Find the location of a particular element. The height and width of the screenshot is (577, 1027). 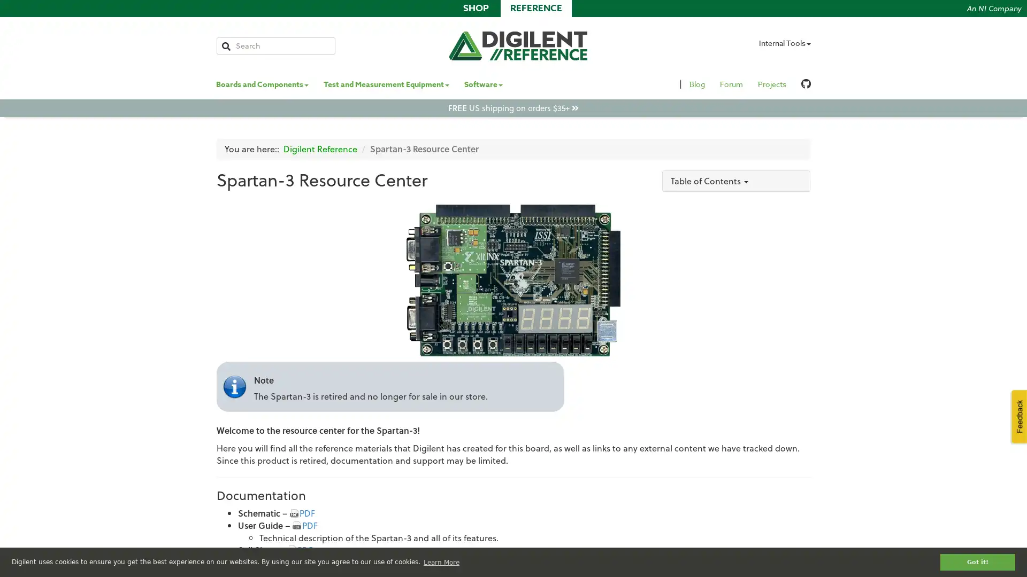

dismiss cookie message is located at coordinates (978, 562).